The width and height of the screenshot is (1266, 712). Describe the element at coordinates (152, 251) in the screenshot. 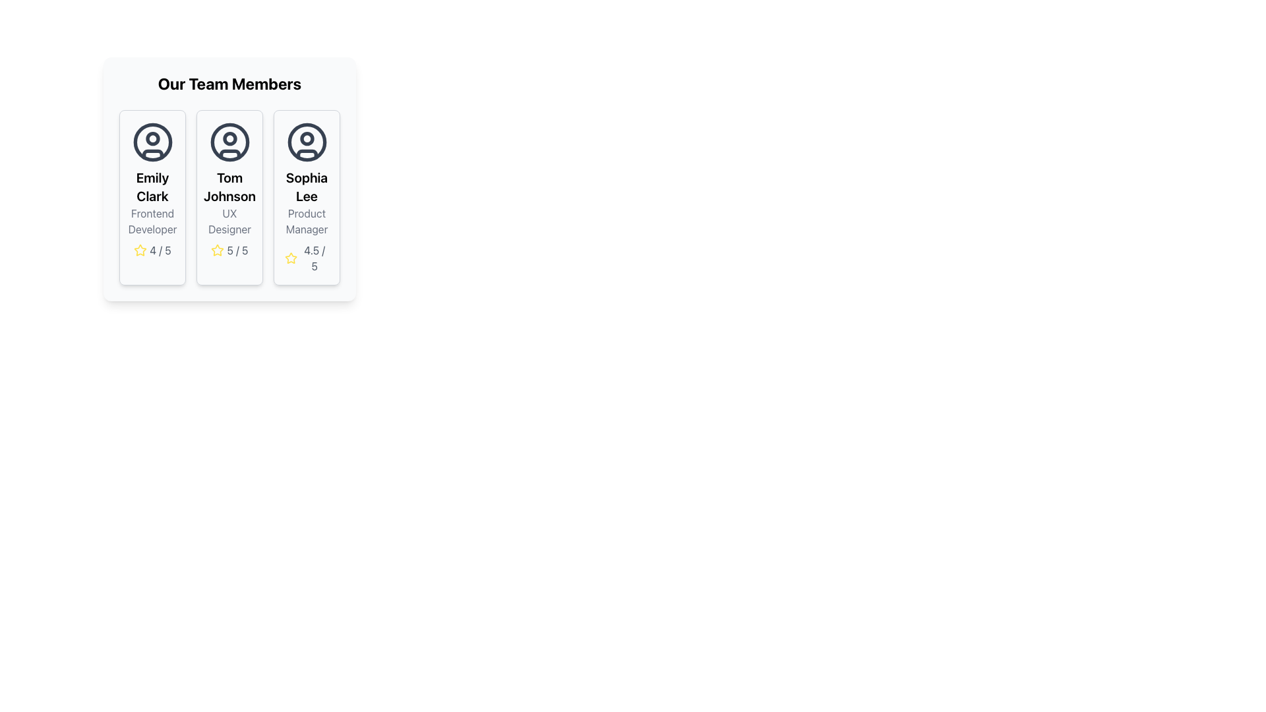

I see `rating display consisting of a star symbol and the numerical rating '4 / 5' located below Emily Clark's name in the 'Our Team Members' section` at that location.